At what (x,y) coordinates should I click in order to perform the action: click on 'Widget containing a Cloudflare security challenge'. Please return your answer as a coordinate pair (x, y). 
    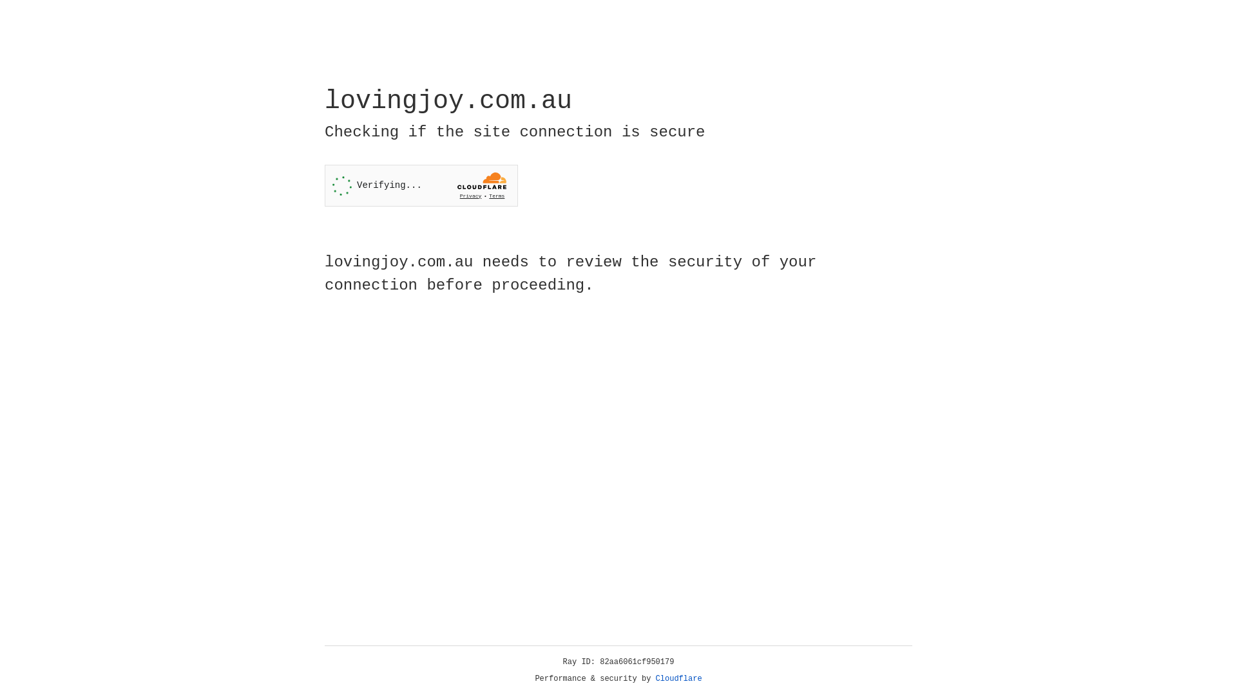
    Looking at the image, I should click on (421, 185).